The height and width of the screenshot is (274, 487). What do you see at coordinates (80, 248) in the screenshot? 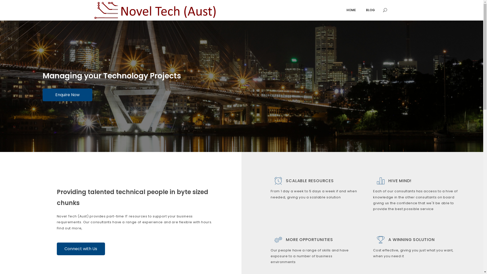
I see `'Connect with Us'` at bounding box center [80, 248].